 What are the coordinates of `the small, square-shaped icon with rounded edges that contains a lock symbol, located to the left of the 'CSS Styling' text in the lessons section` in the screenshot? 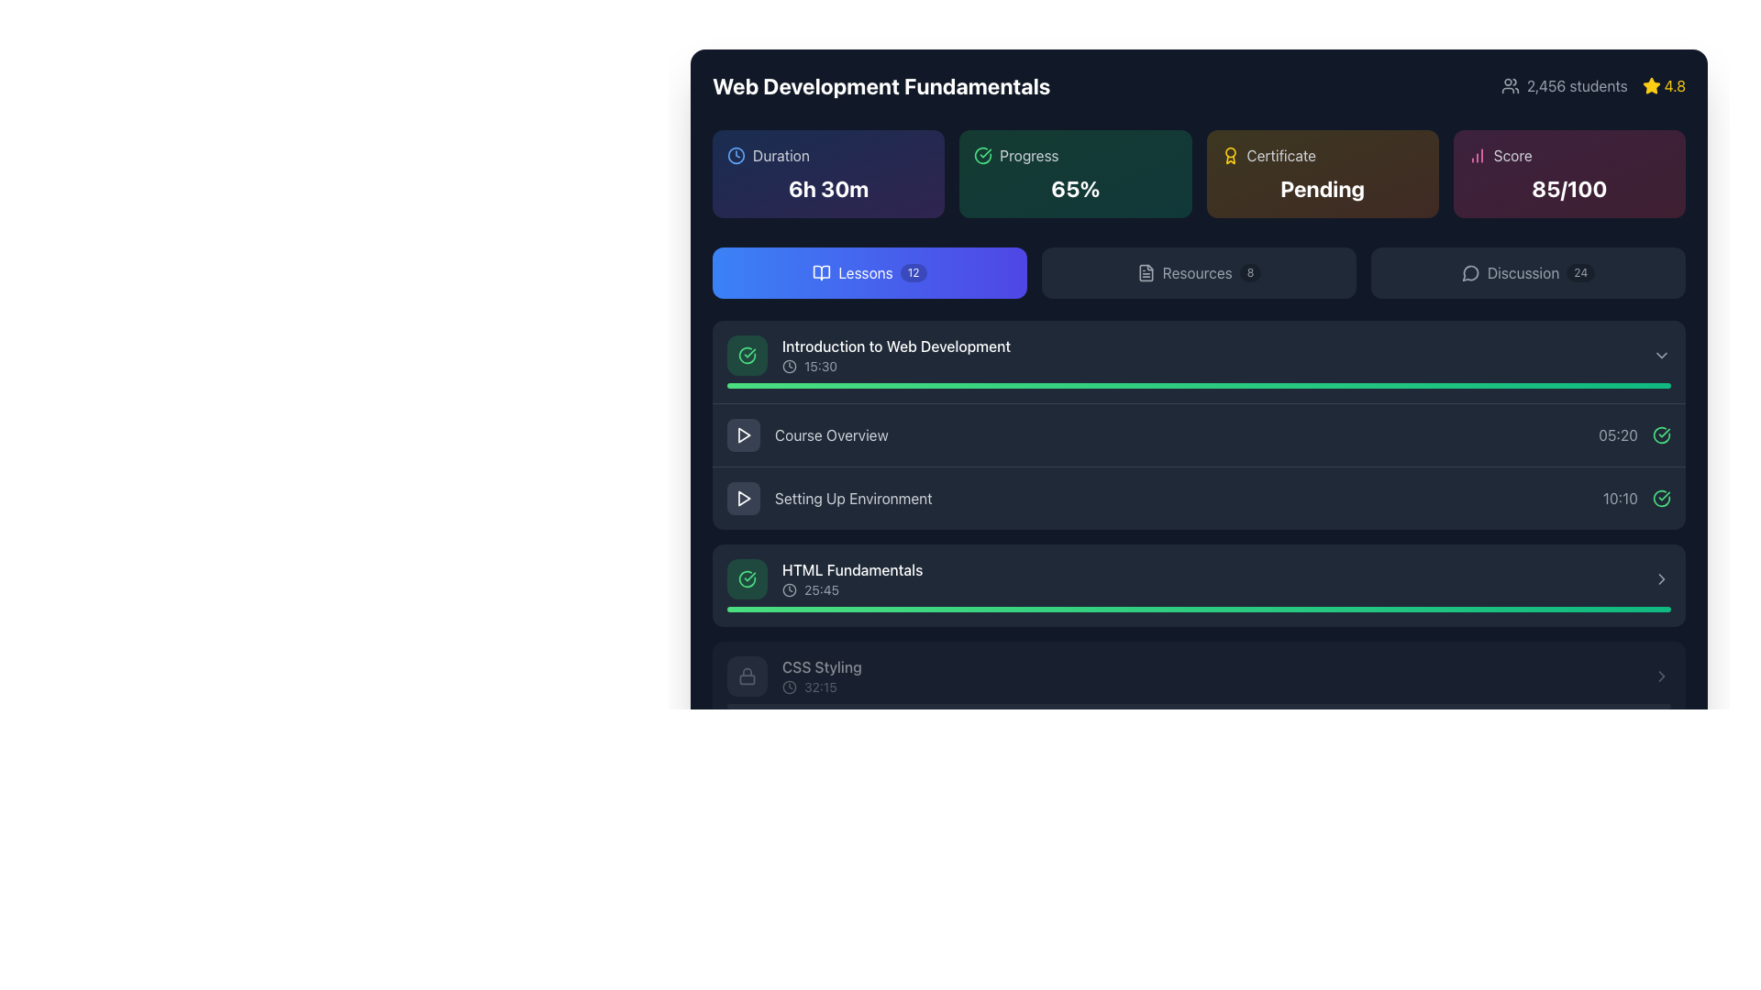 It's located at (748, 676).